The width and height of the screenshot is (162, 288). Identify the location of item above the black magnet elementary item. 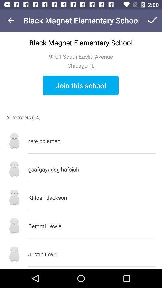
(11, 20).